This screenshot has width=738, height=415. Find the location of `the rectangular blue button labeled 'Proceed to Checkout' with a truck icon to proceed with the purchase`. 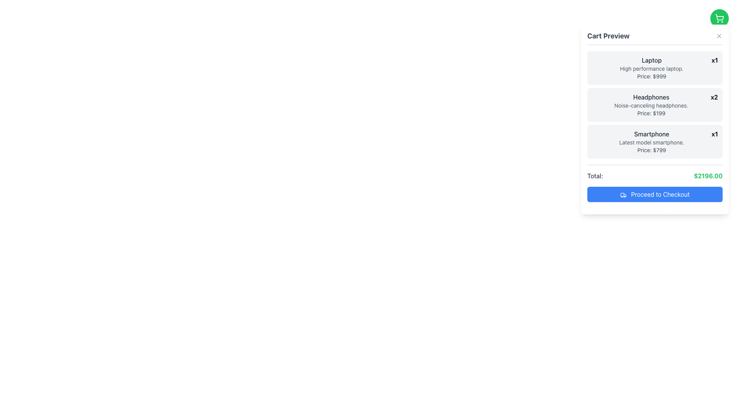

the rectangular blue button labeled 'Proceed to Checkout' with a truck icon to proceed with the purchase is located at coordinates (655, 194).